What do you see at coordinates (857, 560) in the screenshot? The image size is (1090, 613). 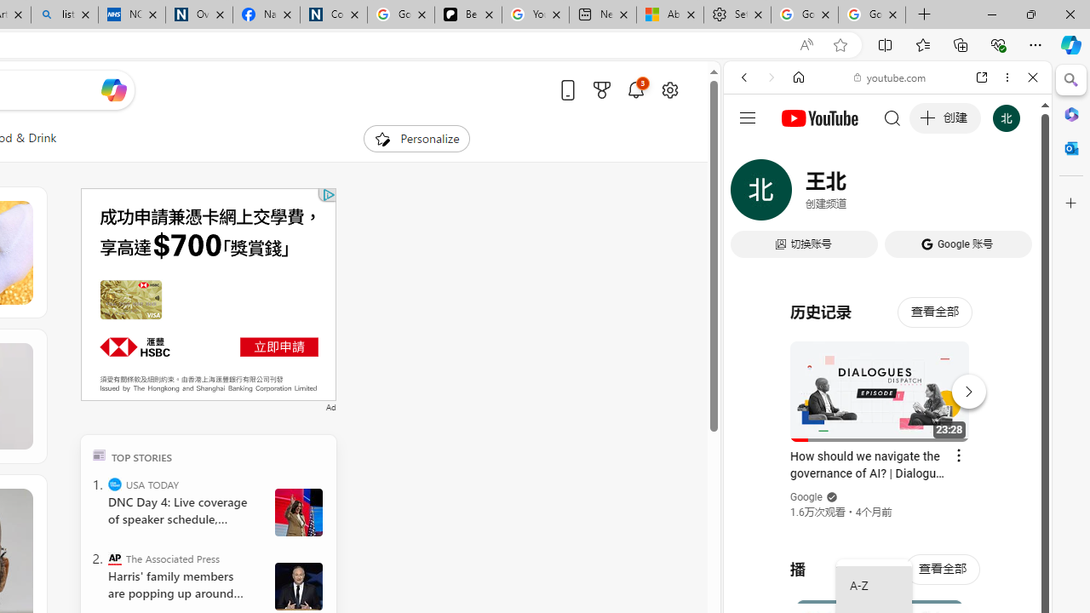 I see `'Search videos from youtube.com'` at bounding box center [857, 560].